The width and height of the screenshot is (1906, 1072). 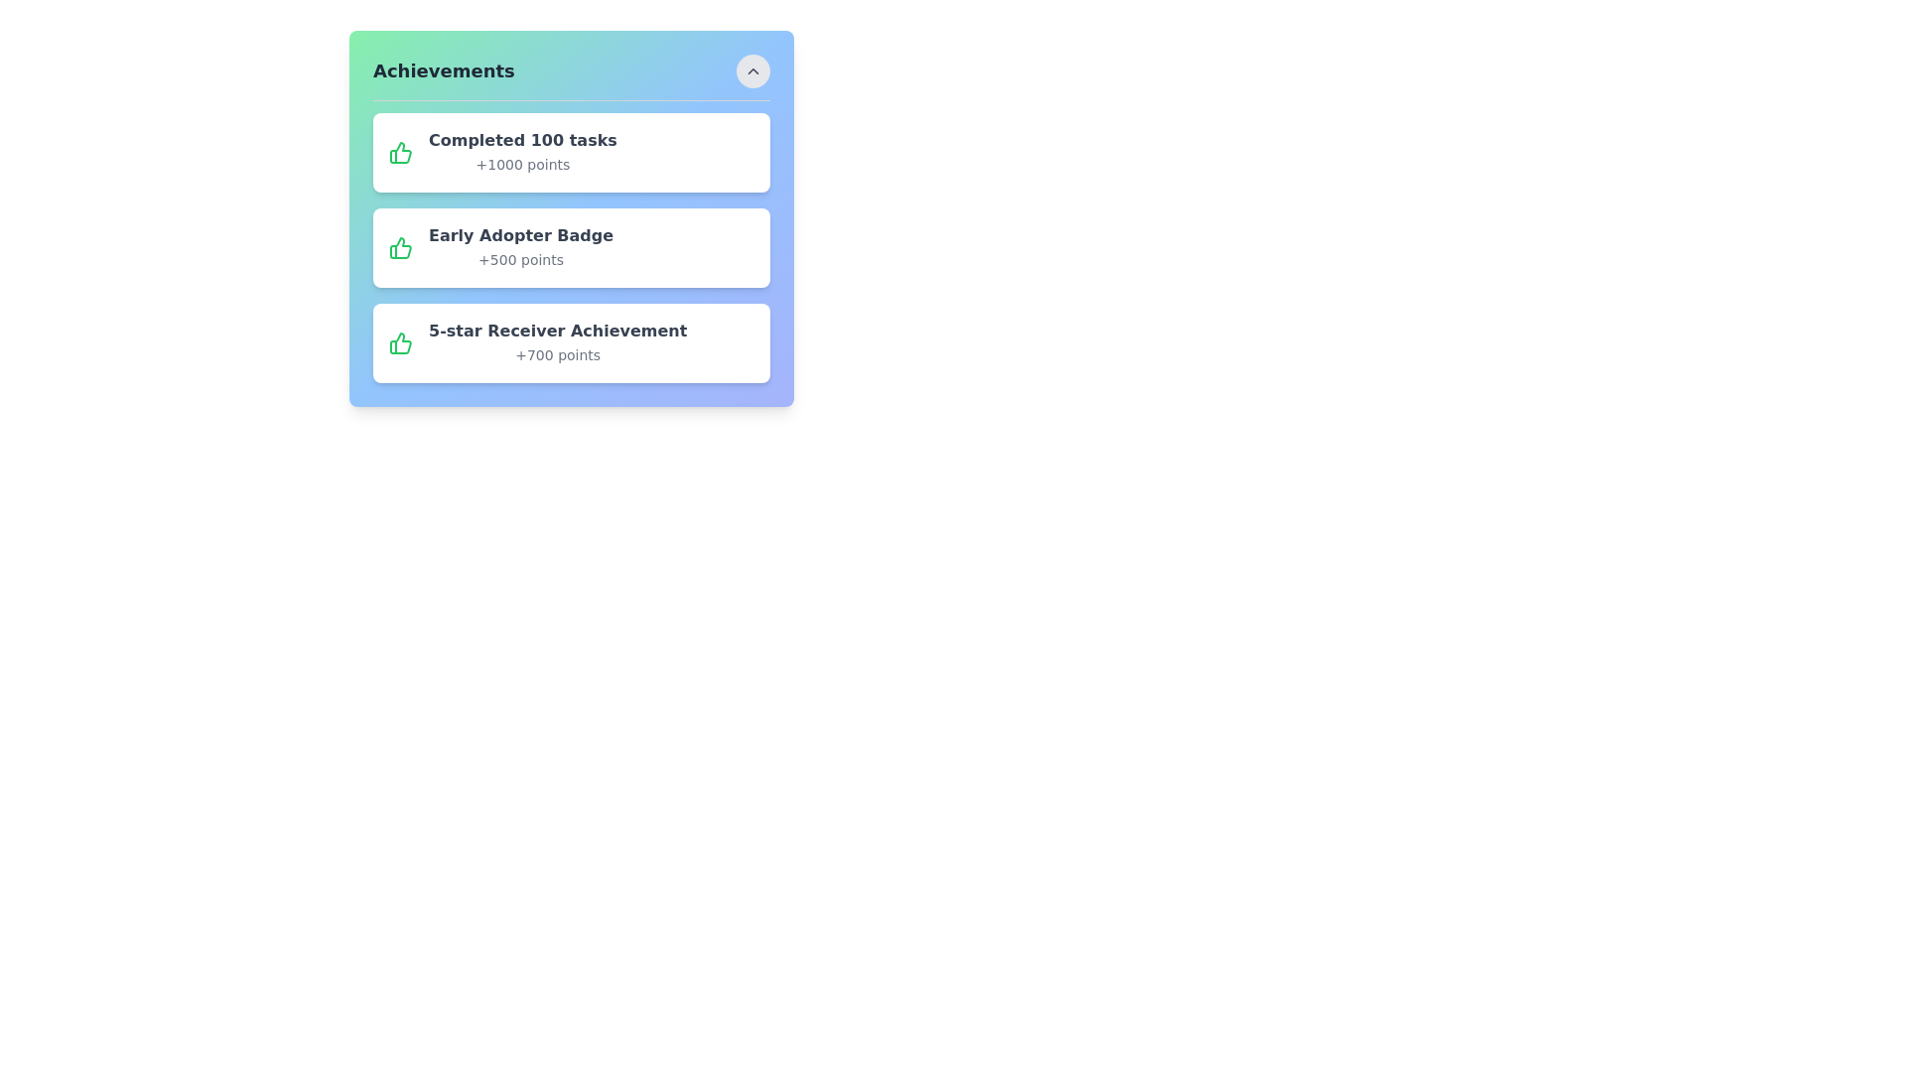 What do you see at coordinates (557, 342) in the screenshot?
I see `text content of the '5-star Receiver Achievement' card, which includes the title in bold and the subtitle below it` at bounding box center [557, 342].